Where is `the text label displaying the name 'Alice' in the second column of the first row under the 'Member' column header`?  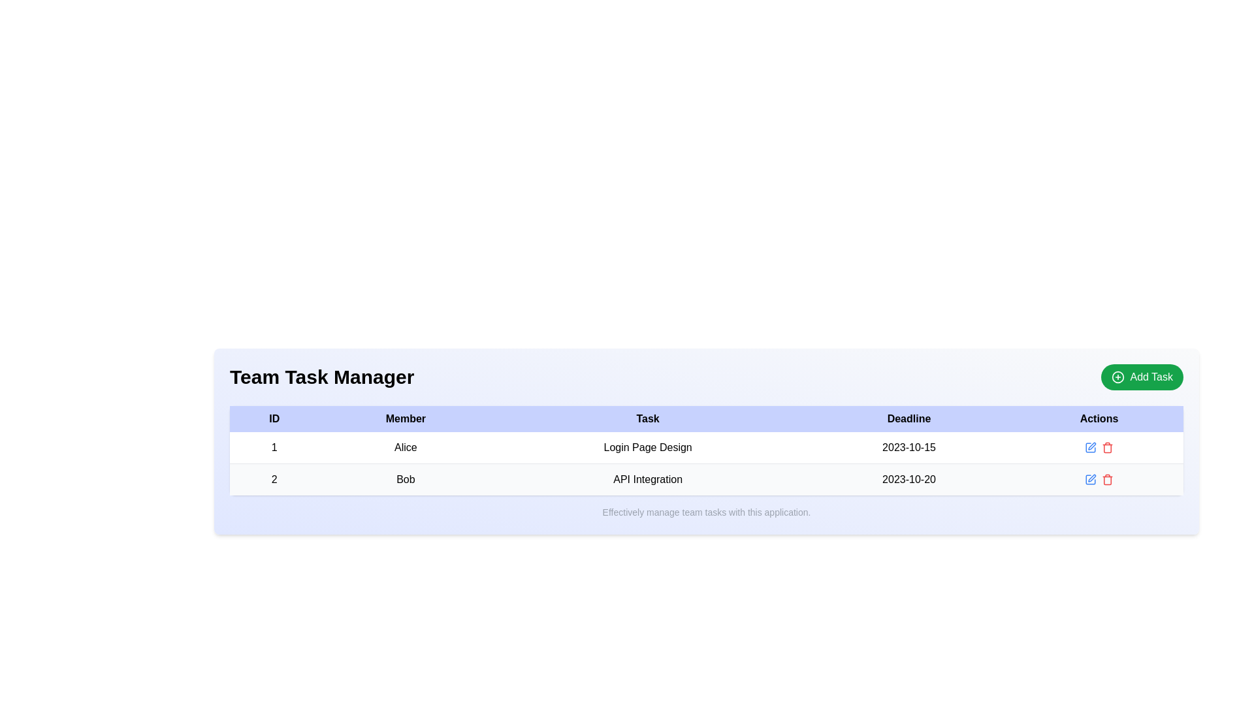 the text label displaying the name 'Alice' in the second column of the first row under the 'Member' column header is located at coordinates (405, 447).